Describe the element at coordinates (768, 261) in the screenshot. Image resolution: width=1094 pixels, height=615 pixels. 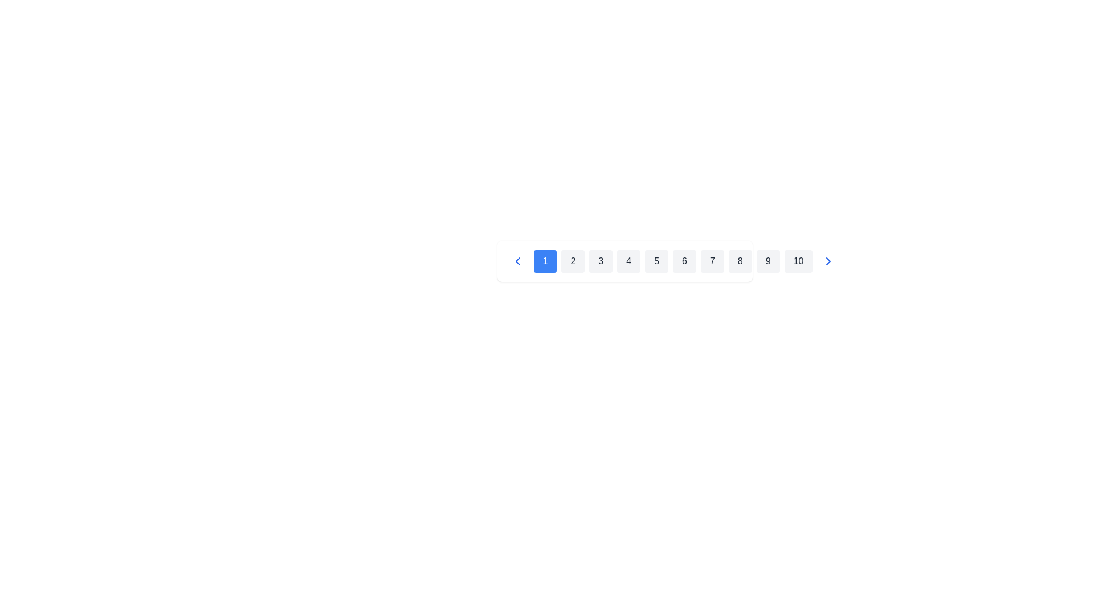
I see `the rounded button with the number '9'` at that location.